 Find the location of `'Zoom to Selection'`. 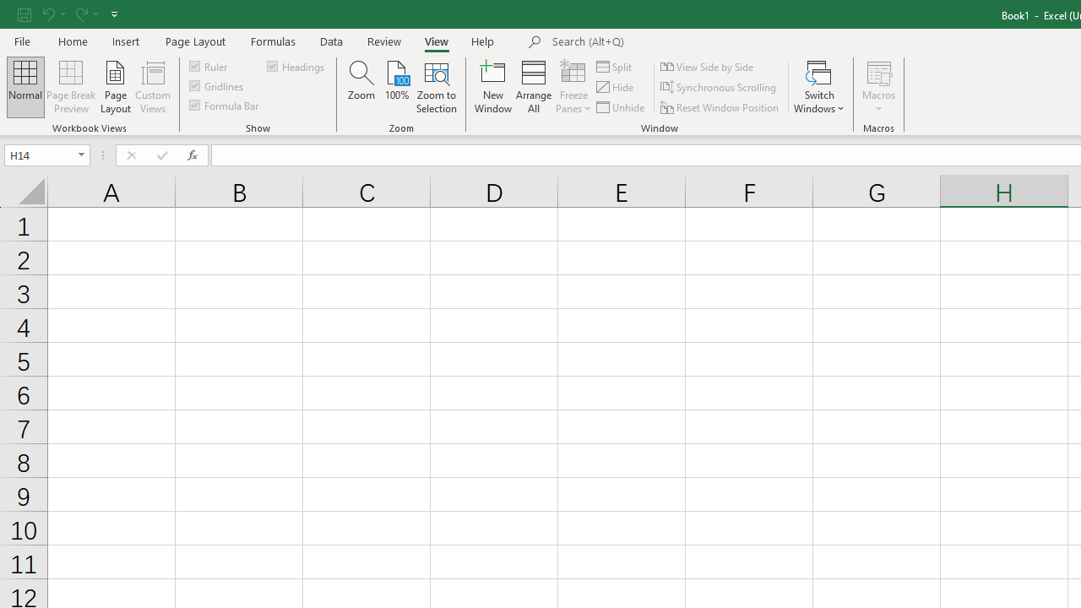

'Zoom to Selection' is located at coordinates (437, 87).